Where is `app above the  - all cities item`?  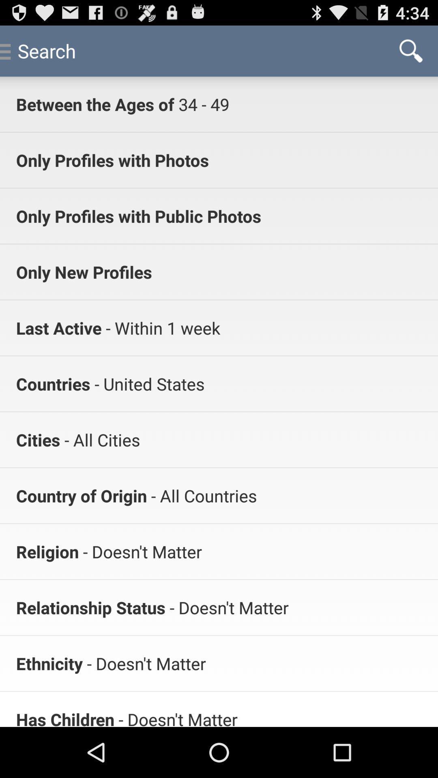
app above the  - all cities item is located at coordinates (147, 383).